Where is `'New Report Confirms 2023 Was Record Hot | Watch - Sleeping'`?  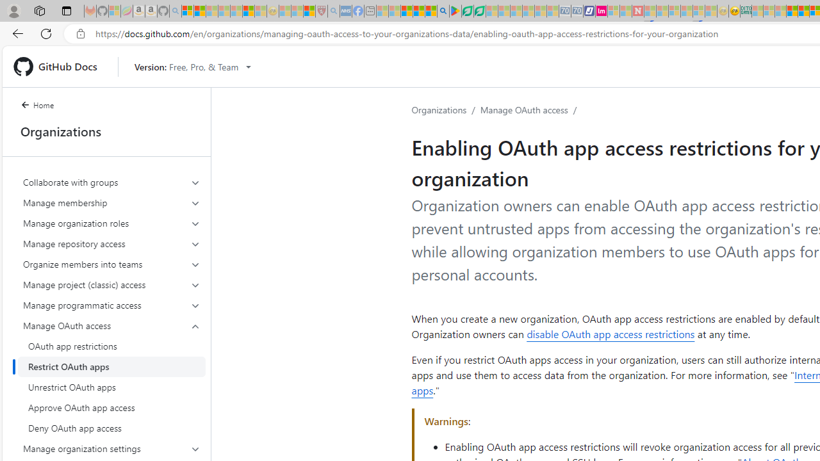 'New Report Confirms 2023 Was Record Hot | Watch - Sleeping' is located at coordinates (236, 11).